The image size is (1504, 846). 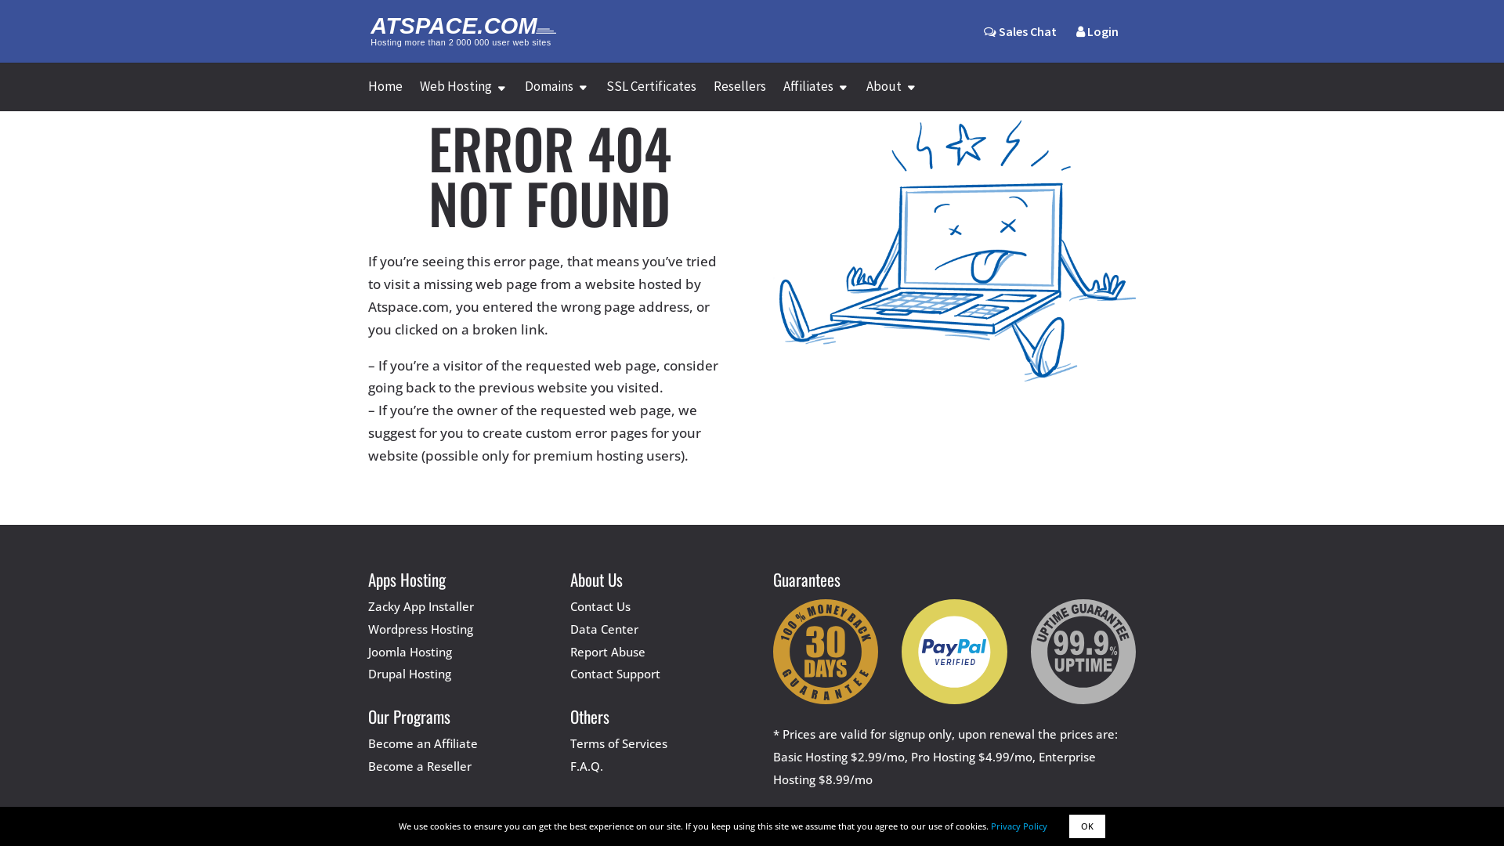 What do you see at coordinates (603, 627) in the screenshot?
I see `'Data Center'` at bounding box center [603, 627].